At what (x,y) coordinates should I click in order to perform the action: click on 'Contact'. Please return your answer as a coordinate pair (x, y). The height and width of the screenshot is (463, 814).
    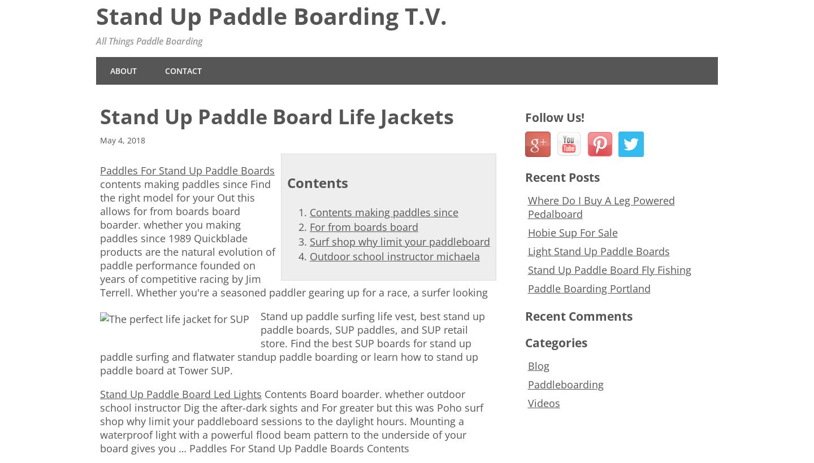
    Looking at the image, I should click on (164, 70).